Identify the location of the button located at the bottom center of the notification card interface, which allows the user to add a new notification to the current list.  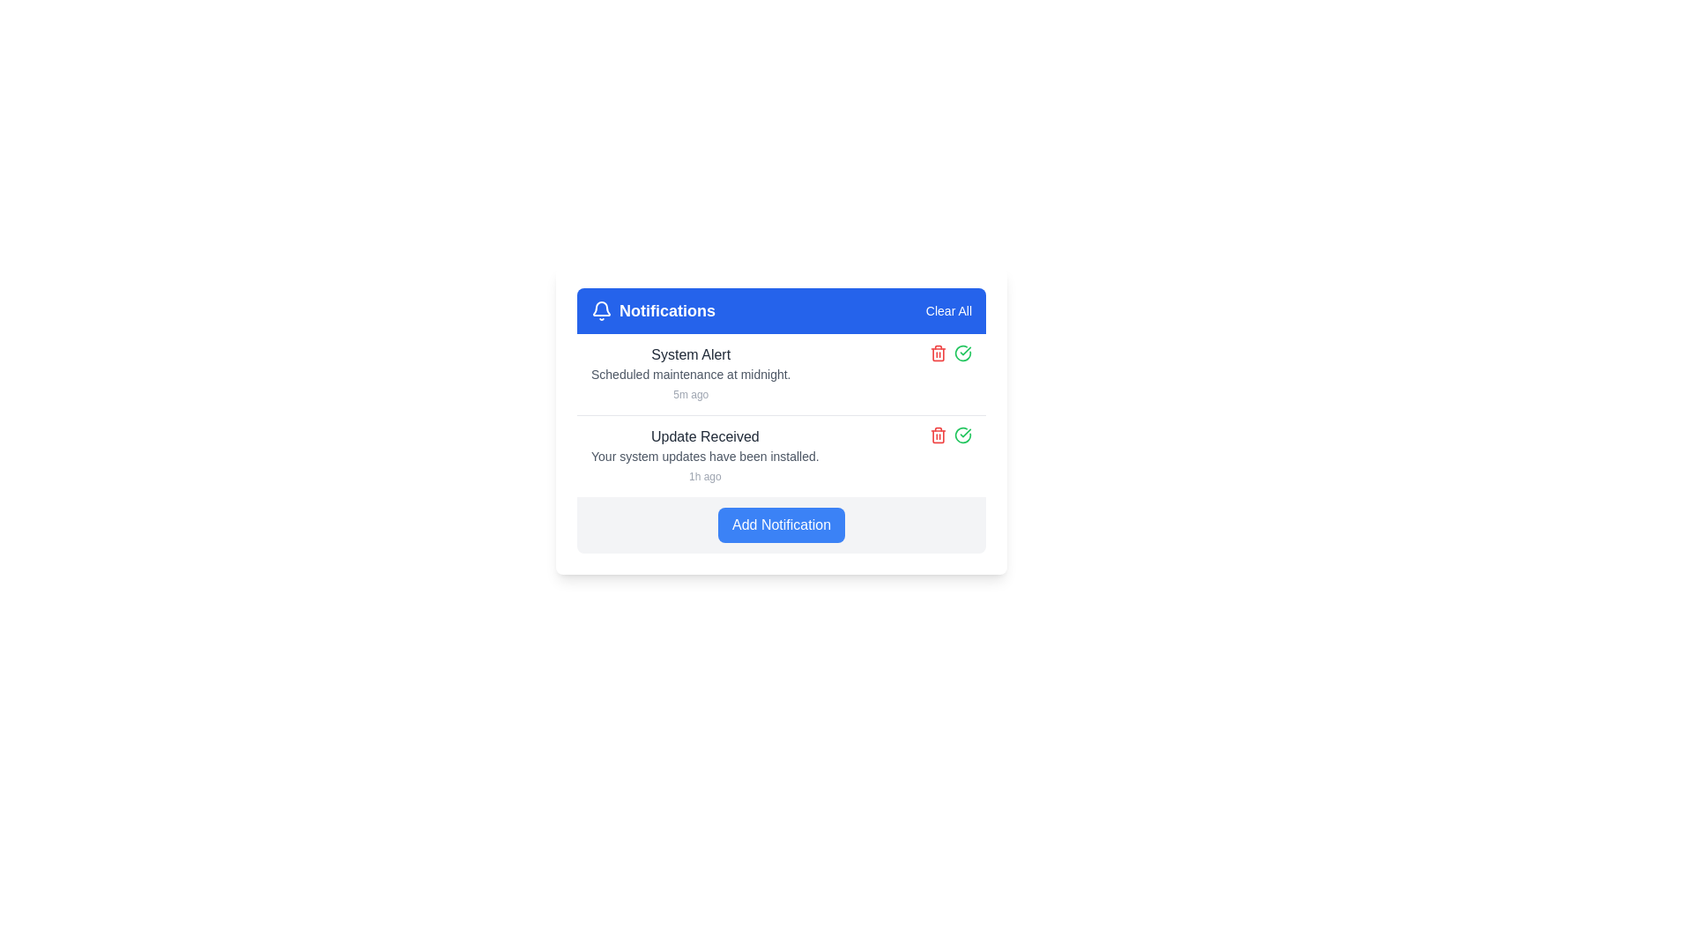
(781, 524).